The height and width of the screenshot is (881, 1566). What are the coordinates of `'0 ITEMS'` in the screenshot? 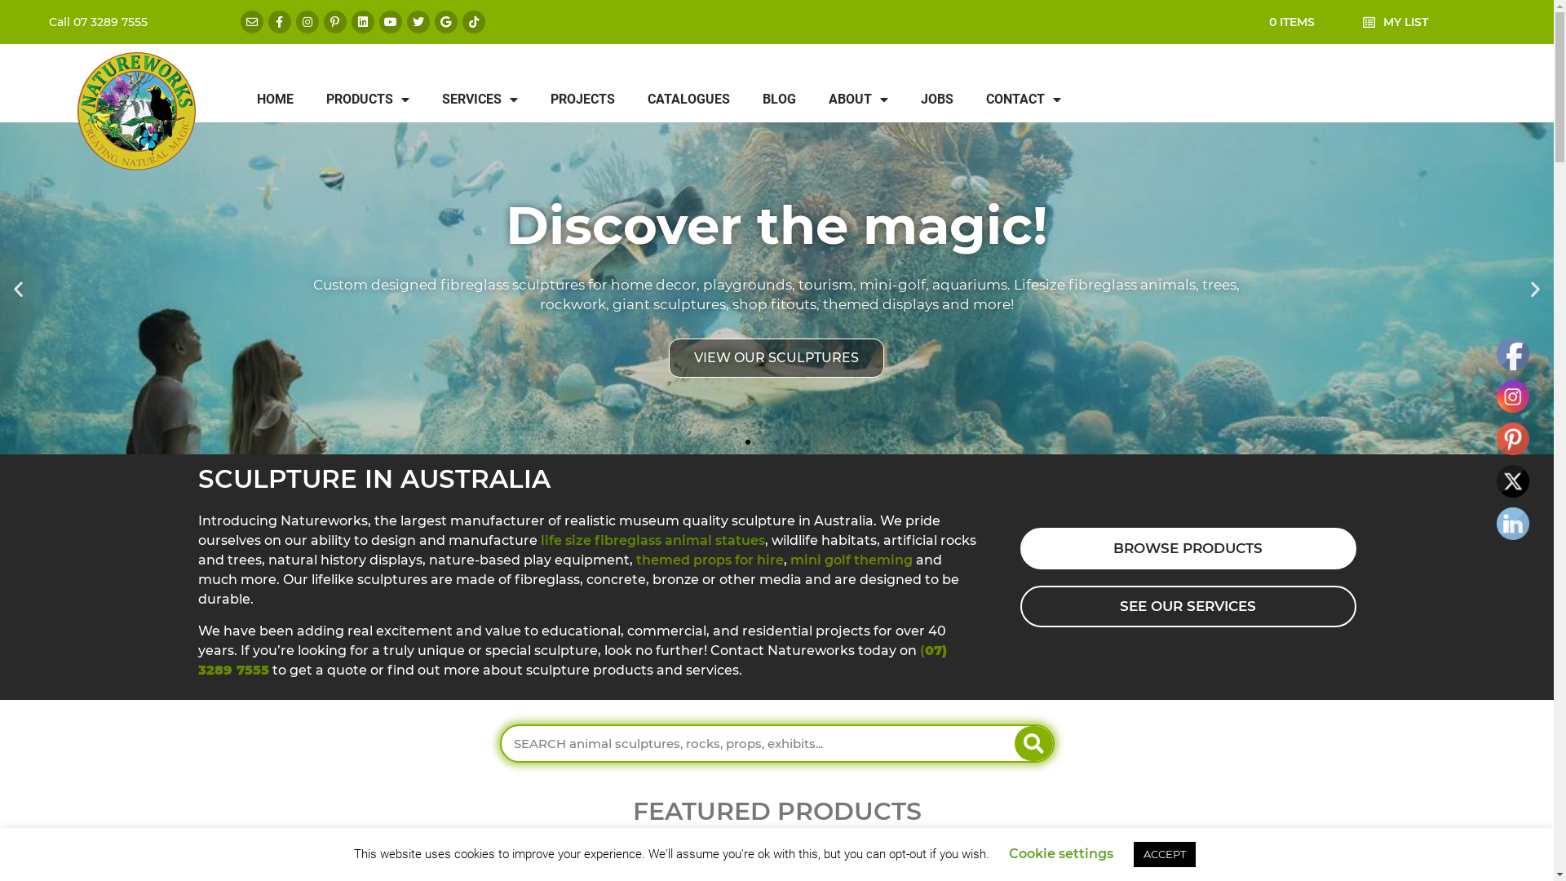 It's located at (1291, 22).